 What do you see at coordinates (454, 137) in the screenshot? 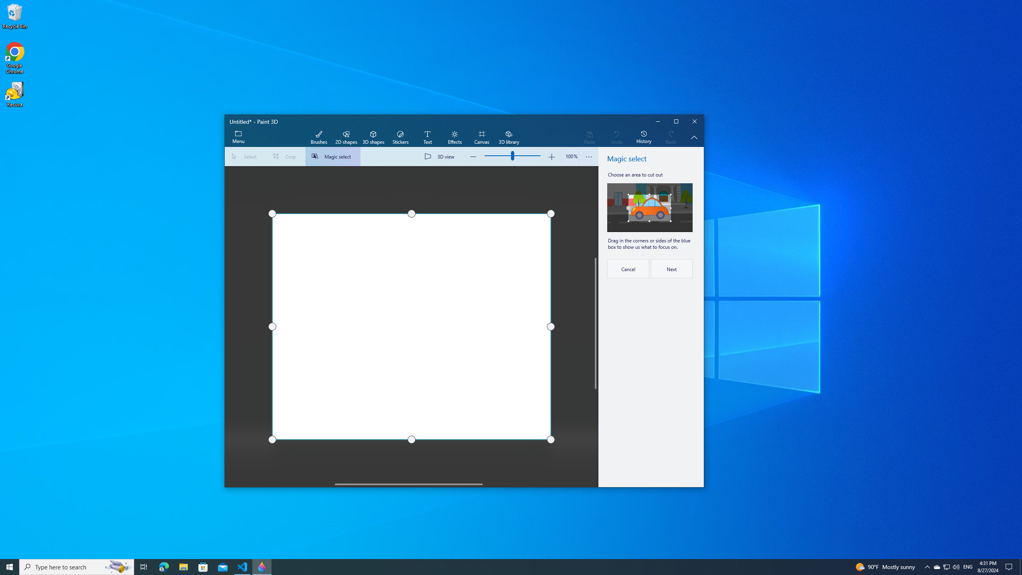
I see `'Effects'` at bounding box center [454, 137].